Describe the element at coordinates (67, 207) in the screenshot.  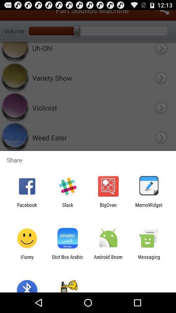
I see `icon to the left of the bigoven item` at that location.